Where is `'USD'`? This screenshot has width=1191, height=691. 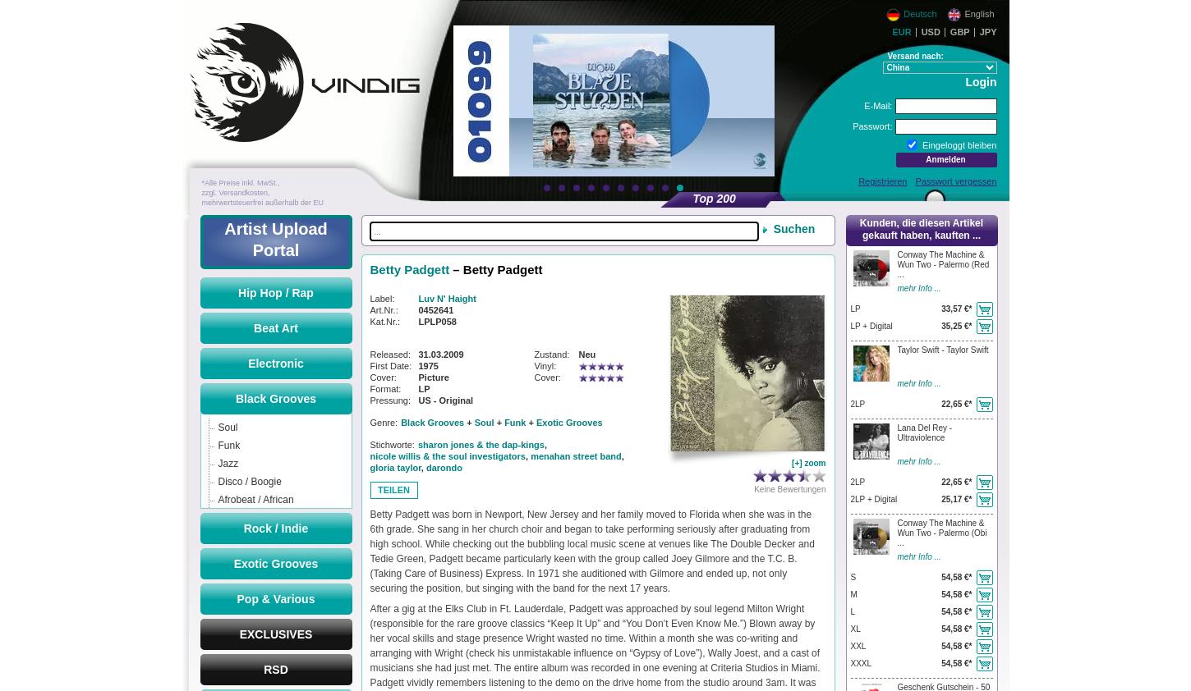 'USD' is located at coordinates (929, 30).